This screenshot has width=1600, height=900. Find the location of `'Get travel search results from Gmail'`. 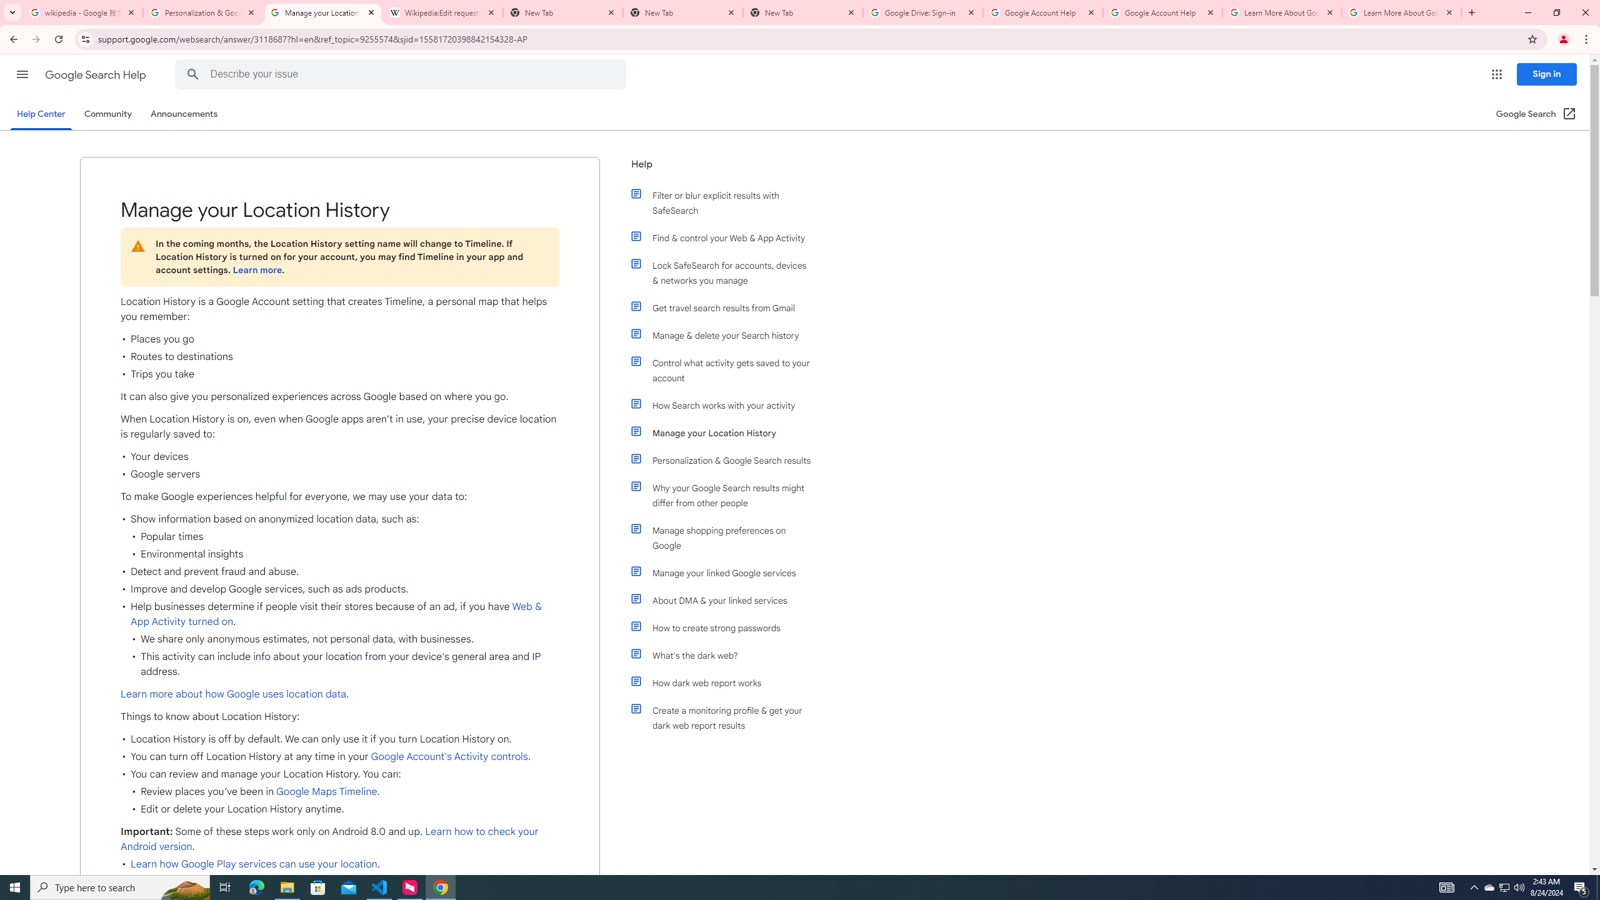

'Get travel search results from Gmail' is located at coordinates (726, 308).